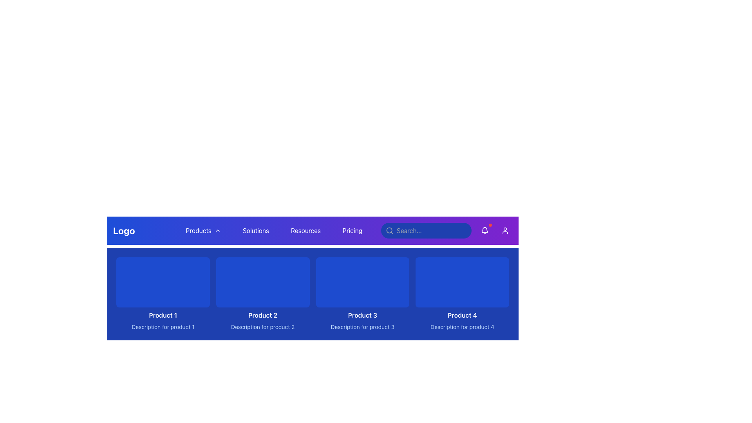 The height and width of the screenshot is (423, 752). I want to click on the decorative loading placeholder for 'Product 2' located in the grid layout, directly below the navigation bar, so click(263, 282).